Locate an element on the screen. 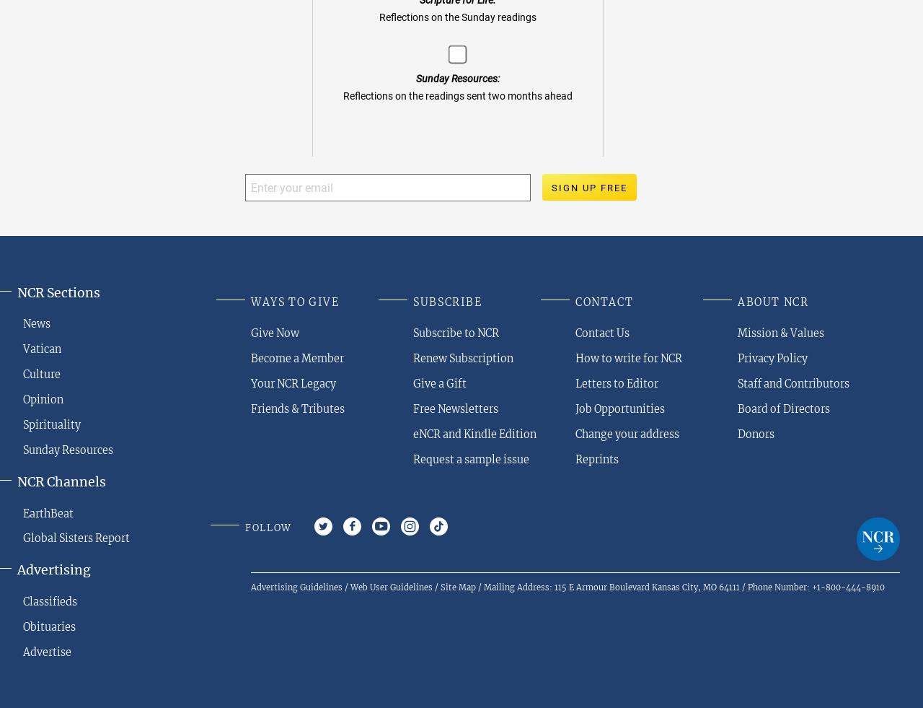 Image resolution: width=923 pixels, height=708 pixels. 'News' is located at coordinates (36, 323).